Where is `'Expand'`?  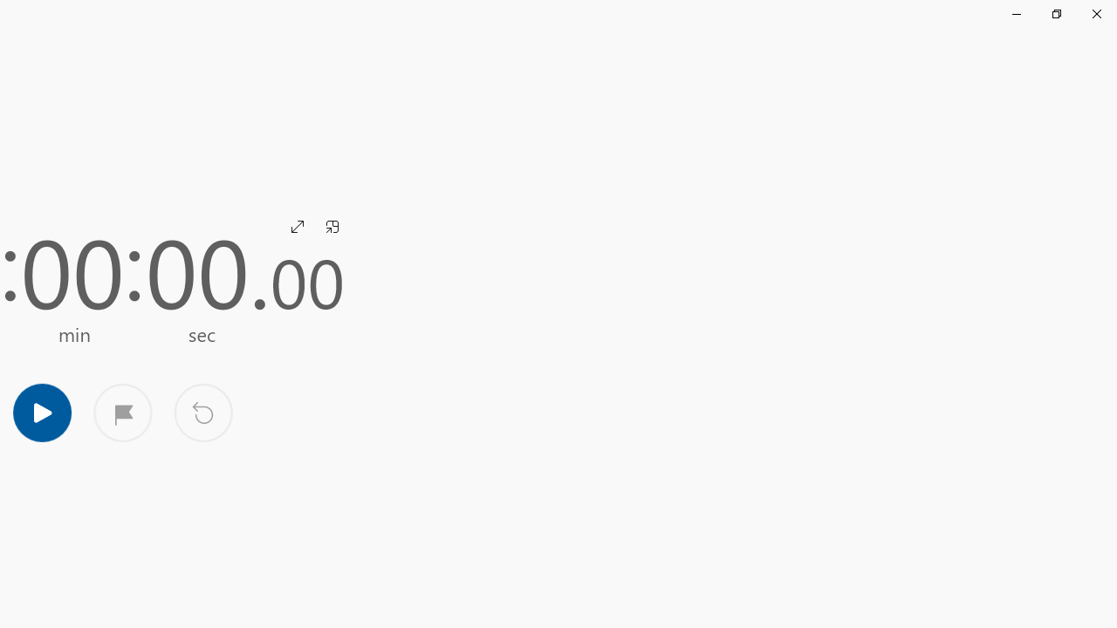
'Expand' is located at coordinates (298, 225).